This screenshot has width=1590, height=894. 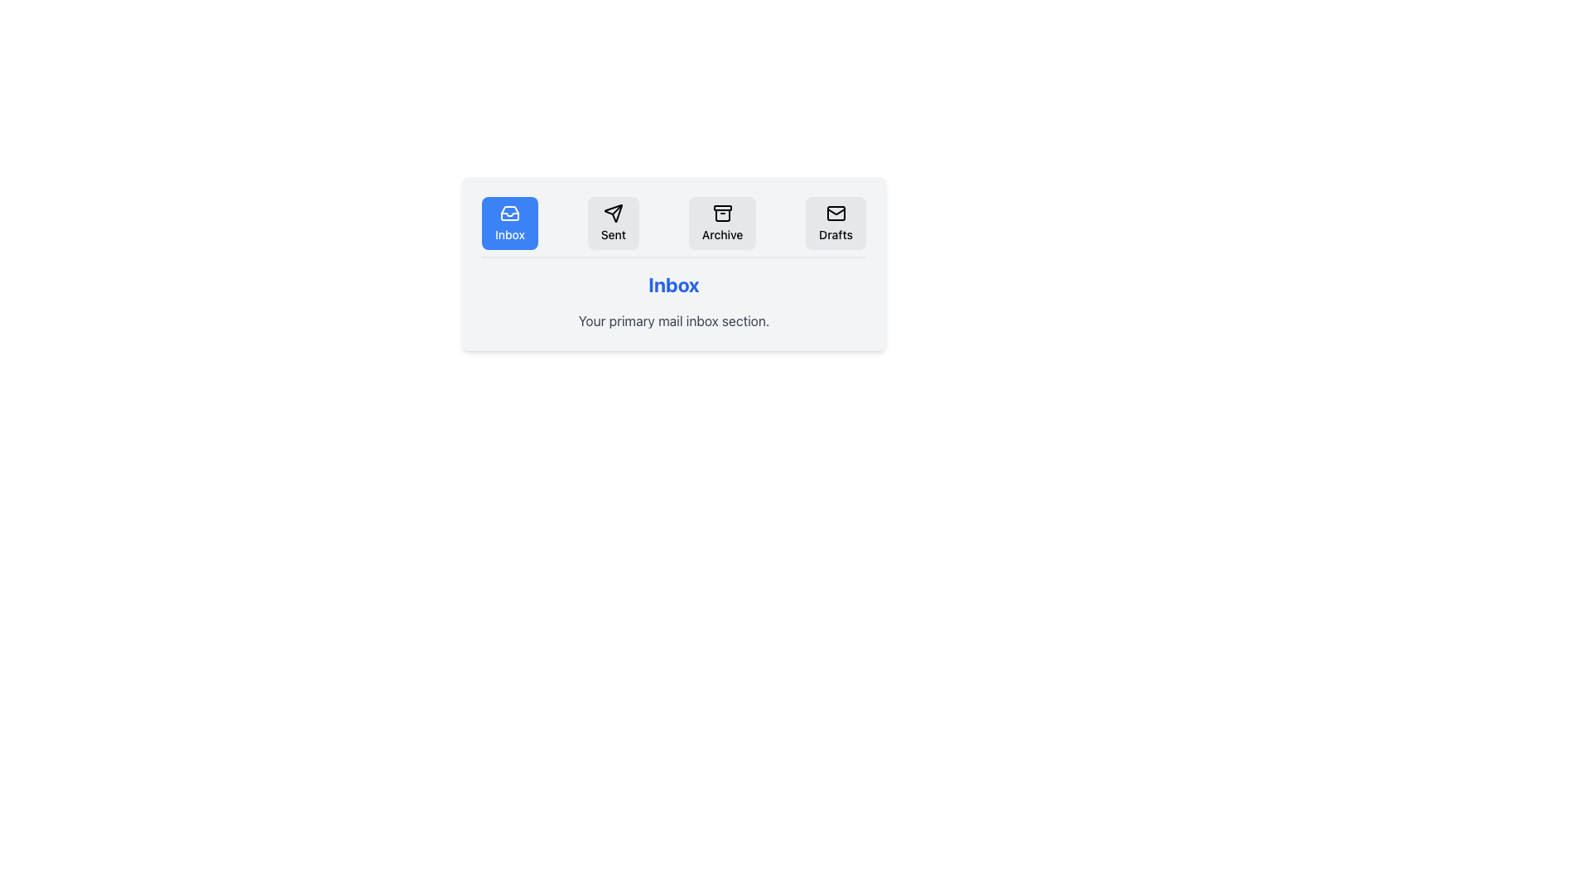 What do you see at coordinates (836, 223) in the screenshot?
I see `the 'Drafts' button, which is a light gray button with rounded corners and an envelope icon, located at the rightmost end of the row of buttons` at bounding box center [836, 223].